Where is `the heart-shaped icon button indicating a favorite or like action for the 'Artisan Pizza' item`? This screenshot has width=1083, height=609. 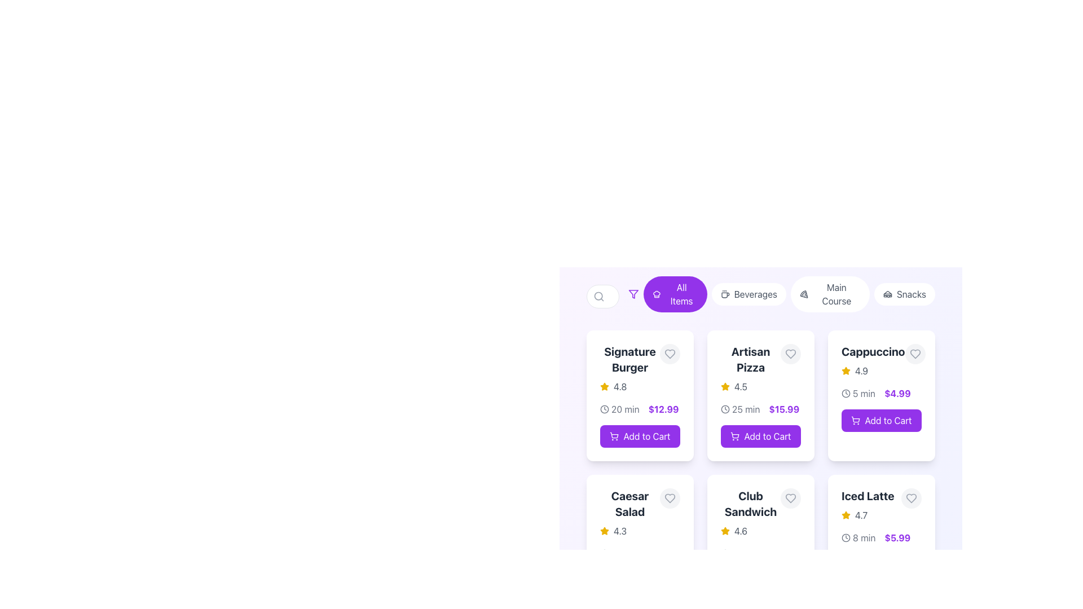
the heart-shaped icon button indicating a favorite or like action for the 'Artisan Pizza' item is located at coordinates (790, 354).